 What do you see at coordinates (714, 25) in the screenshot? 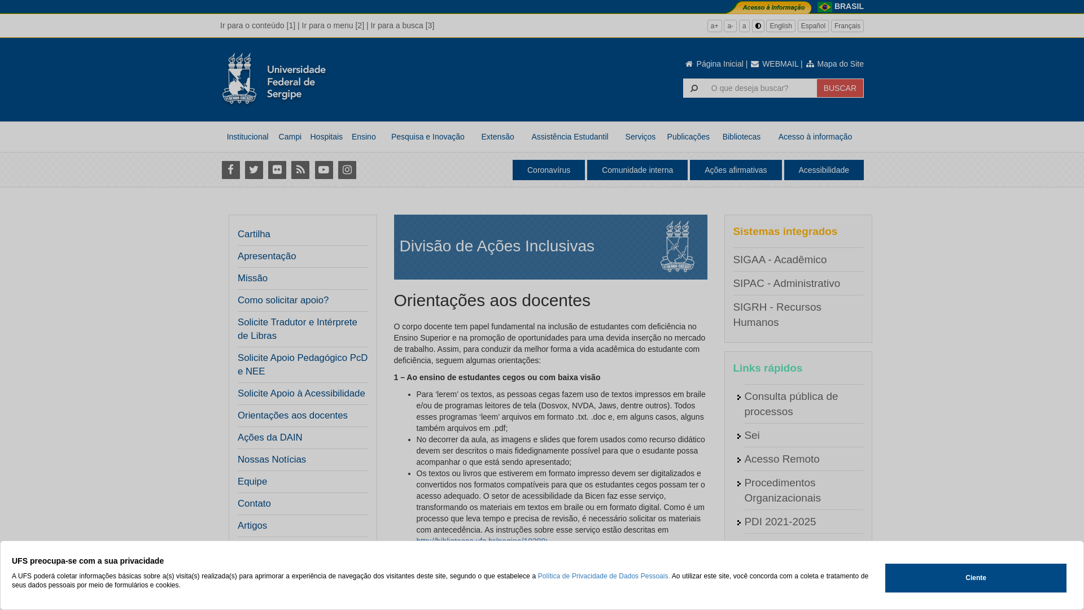
I see `'a+'` at bounding box center [714, 25].